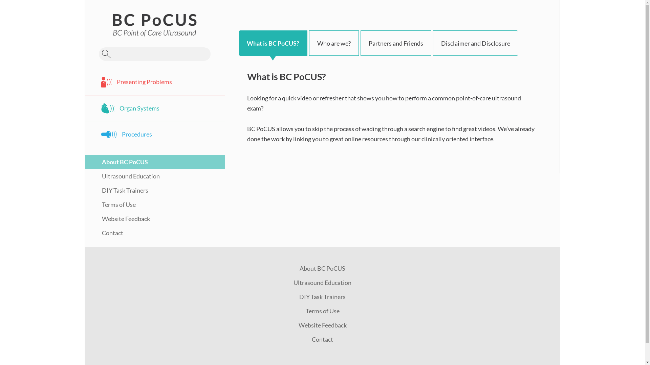 The image size is (650, 365). I want to click on 'Website Feedback', so click(298, 324).